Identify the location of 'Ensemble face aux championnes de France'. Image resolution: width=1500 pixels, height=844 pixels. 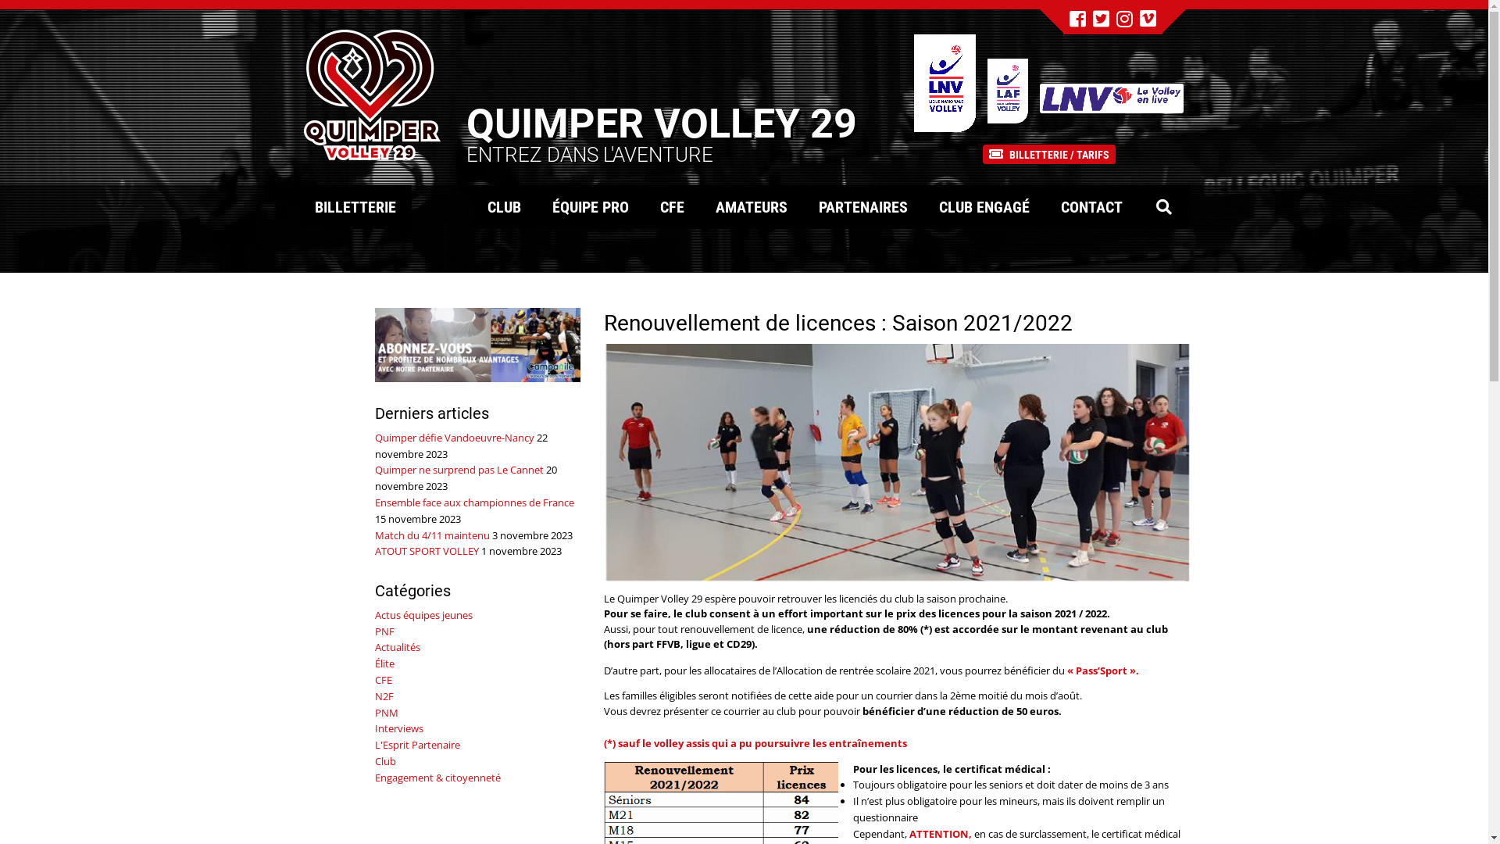
(473, 502).